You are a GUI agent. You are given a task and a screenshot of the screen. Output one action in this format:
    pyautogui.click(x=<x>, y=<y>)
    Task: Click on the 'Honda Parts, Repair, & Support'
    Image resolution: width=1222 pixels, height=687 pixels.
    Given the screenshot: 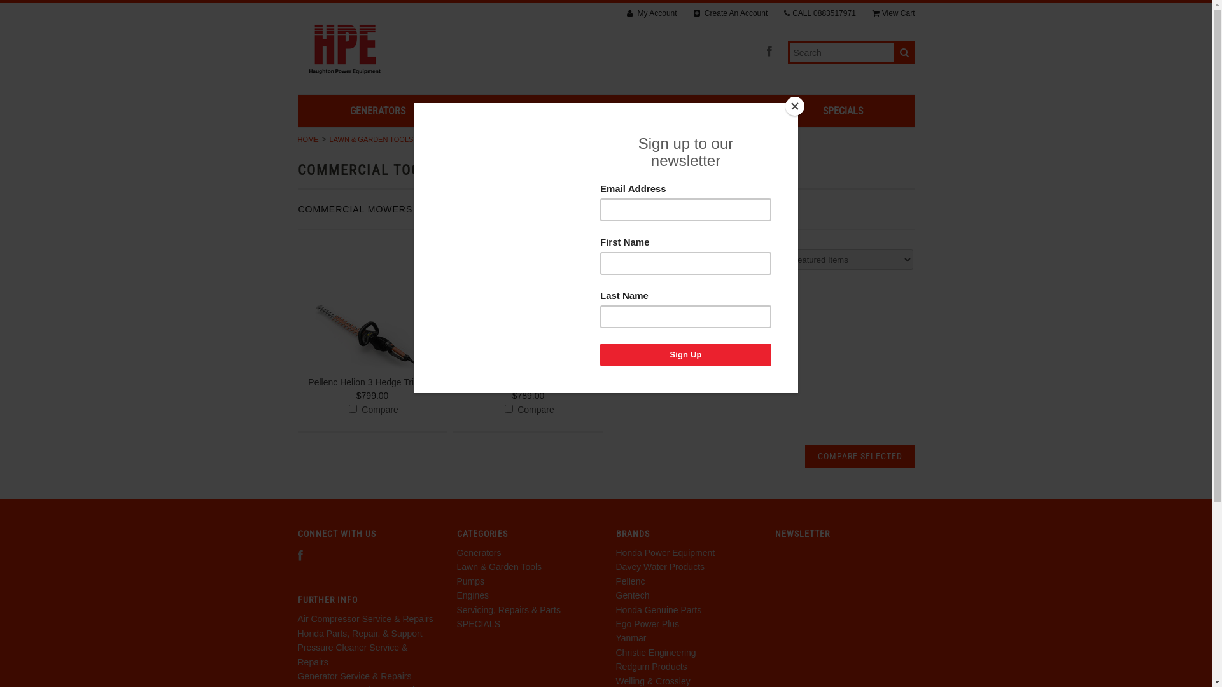 What is the action you would take?
    pyautogui.click(x=360, y=633)
    